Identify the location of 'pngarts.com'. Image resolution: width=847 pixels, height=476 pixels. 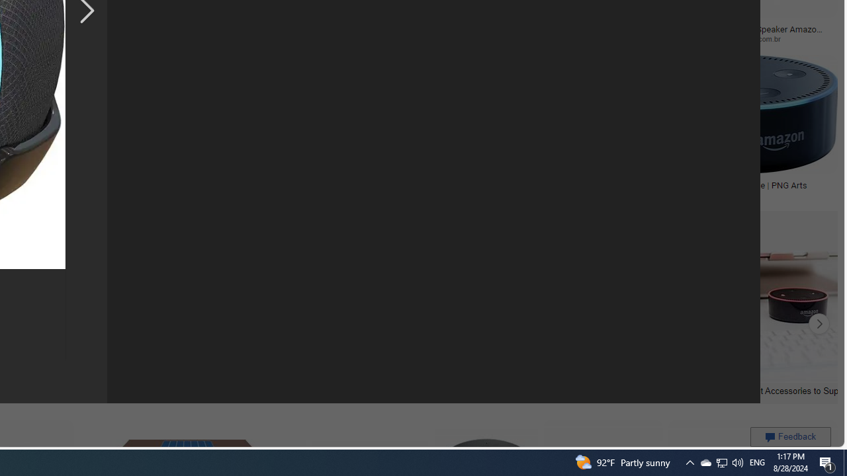
(743, 195).